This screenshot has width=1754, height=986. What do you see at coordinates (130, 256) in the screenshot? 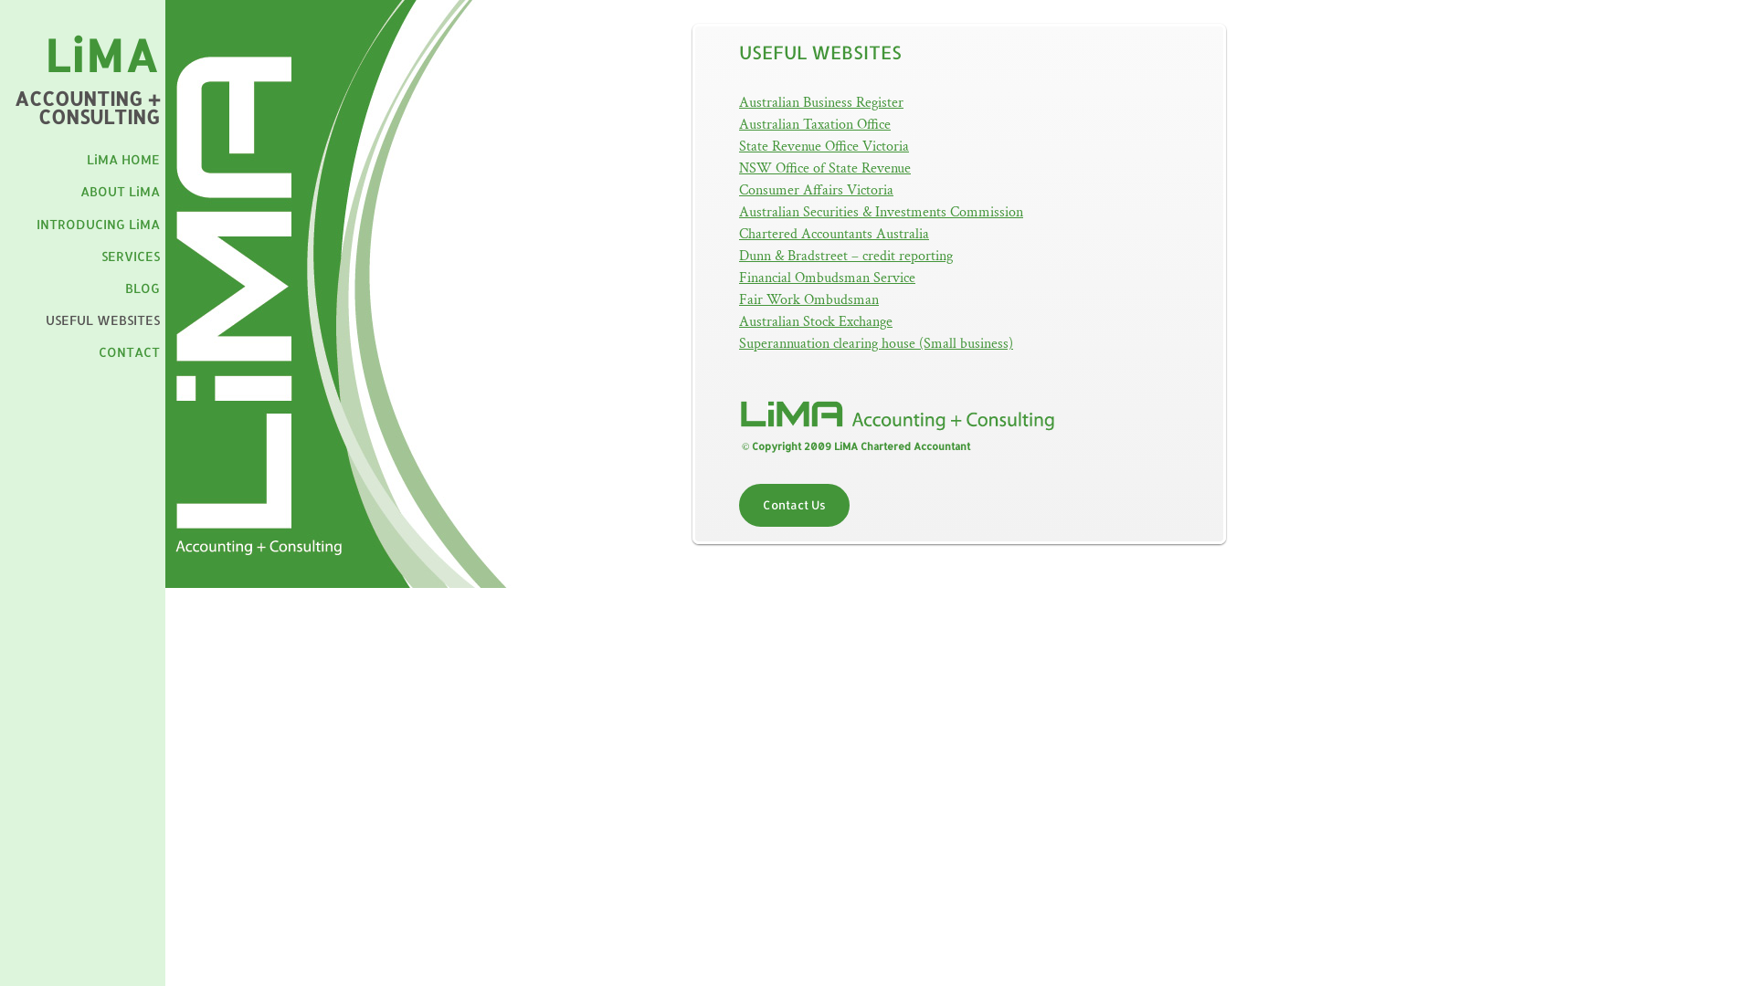
I see `'SERVICES'` at bounding box center [130, 256].